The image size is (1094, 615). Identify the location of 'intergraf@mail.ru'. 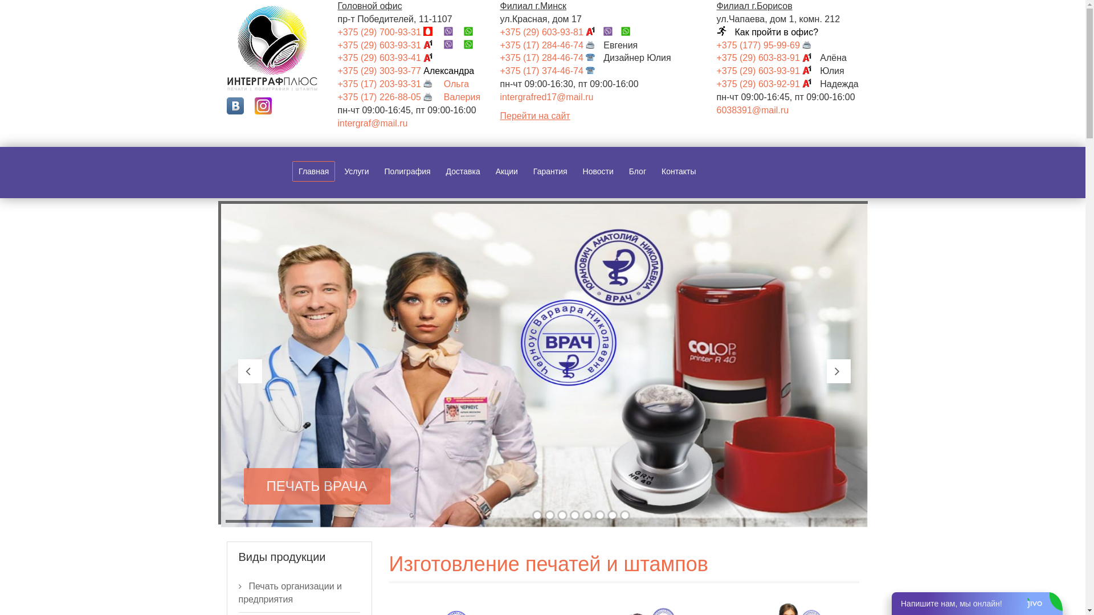
(372, 123).